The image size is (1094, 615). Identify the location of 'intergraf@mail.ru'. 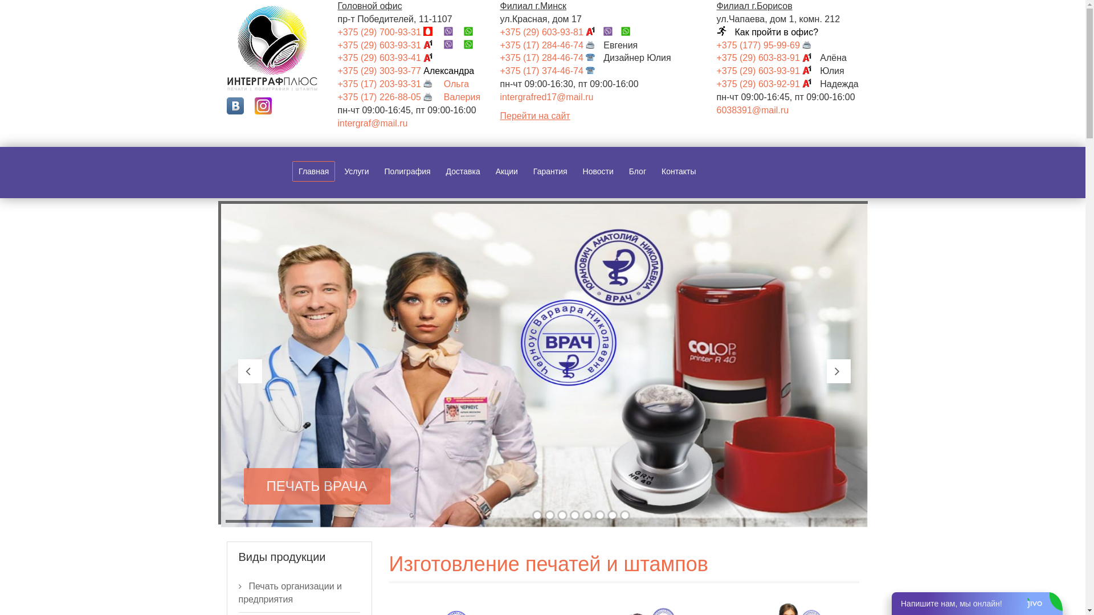
(372, 123).